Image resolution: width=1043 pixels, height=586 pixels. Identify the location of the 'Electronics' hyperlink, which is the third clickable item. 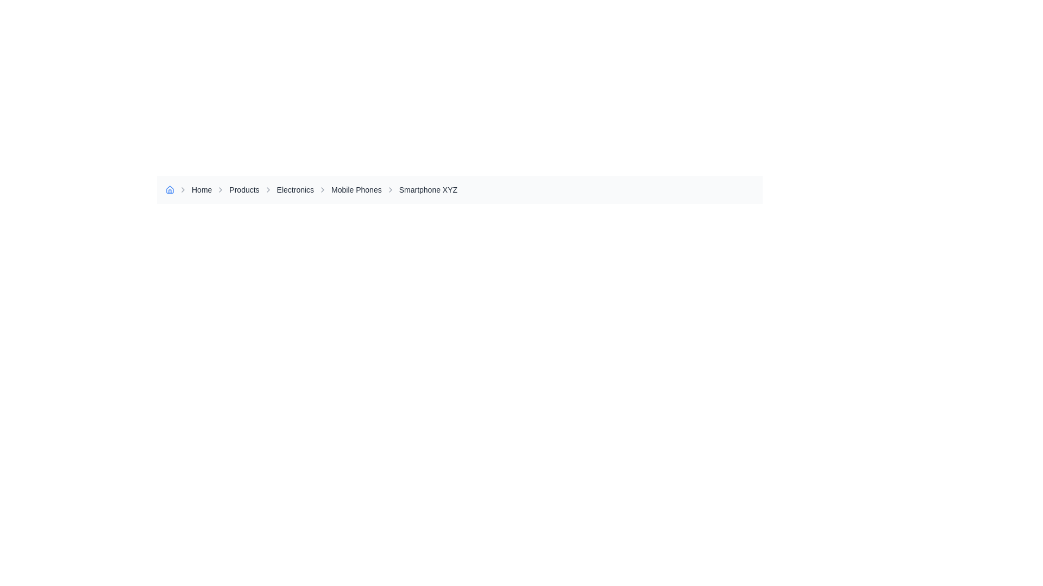
(295, 189).